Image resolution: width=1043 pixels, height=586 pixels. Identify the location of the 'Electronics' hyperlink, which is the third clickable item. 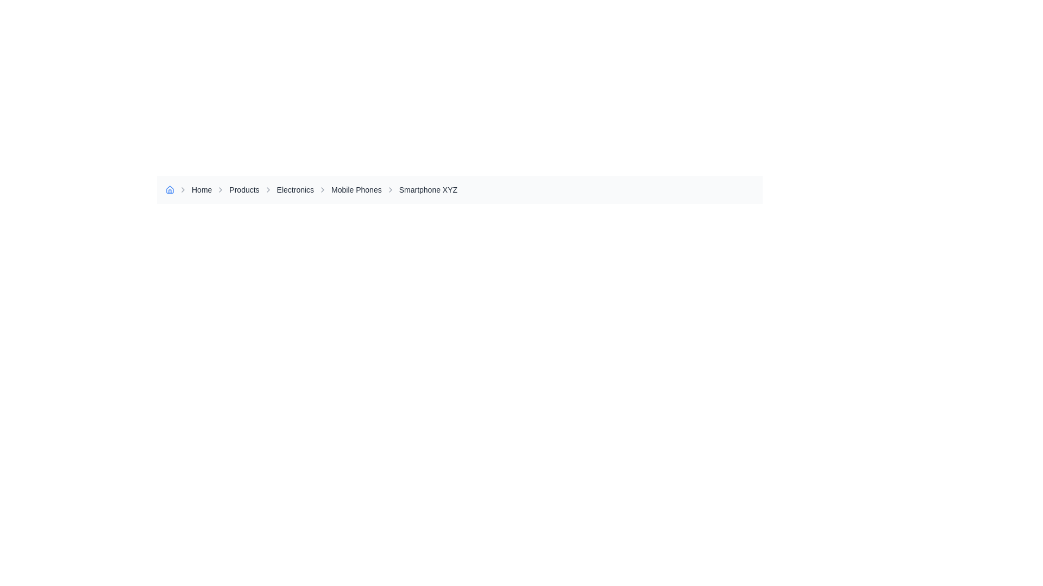
(295, 189).